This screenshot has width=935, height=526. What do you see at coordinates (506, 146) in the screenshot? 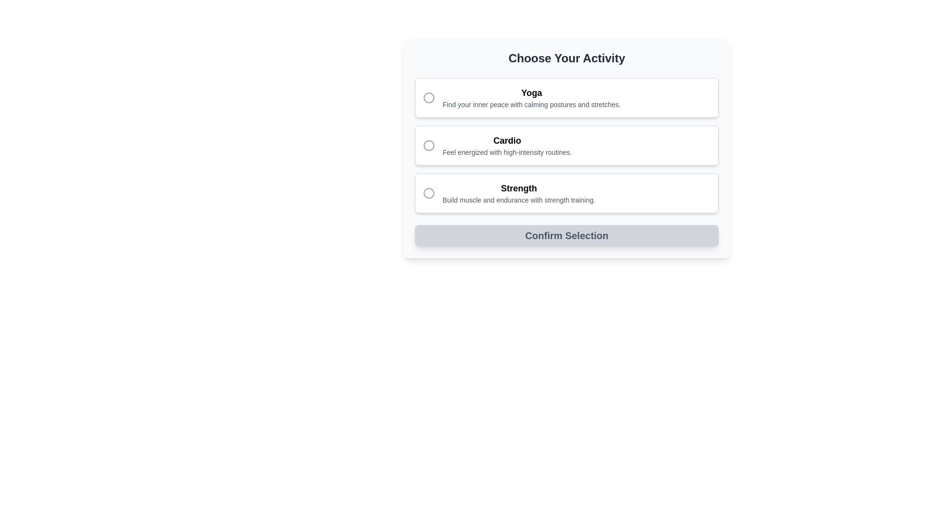
I see `the 'Cardio' selectable option, which is the second entry in the activity options list under 'Choose Your Activity.'` at bounding box center [506, 146].